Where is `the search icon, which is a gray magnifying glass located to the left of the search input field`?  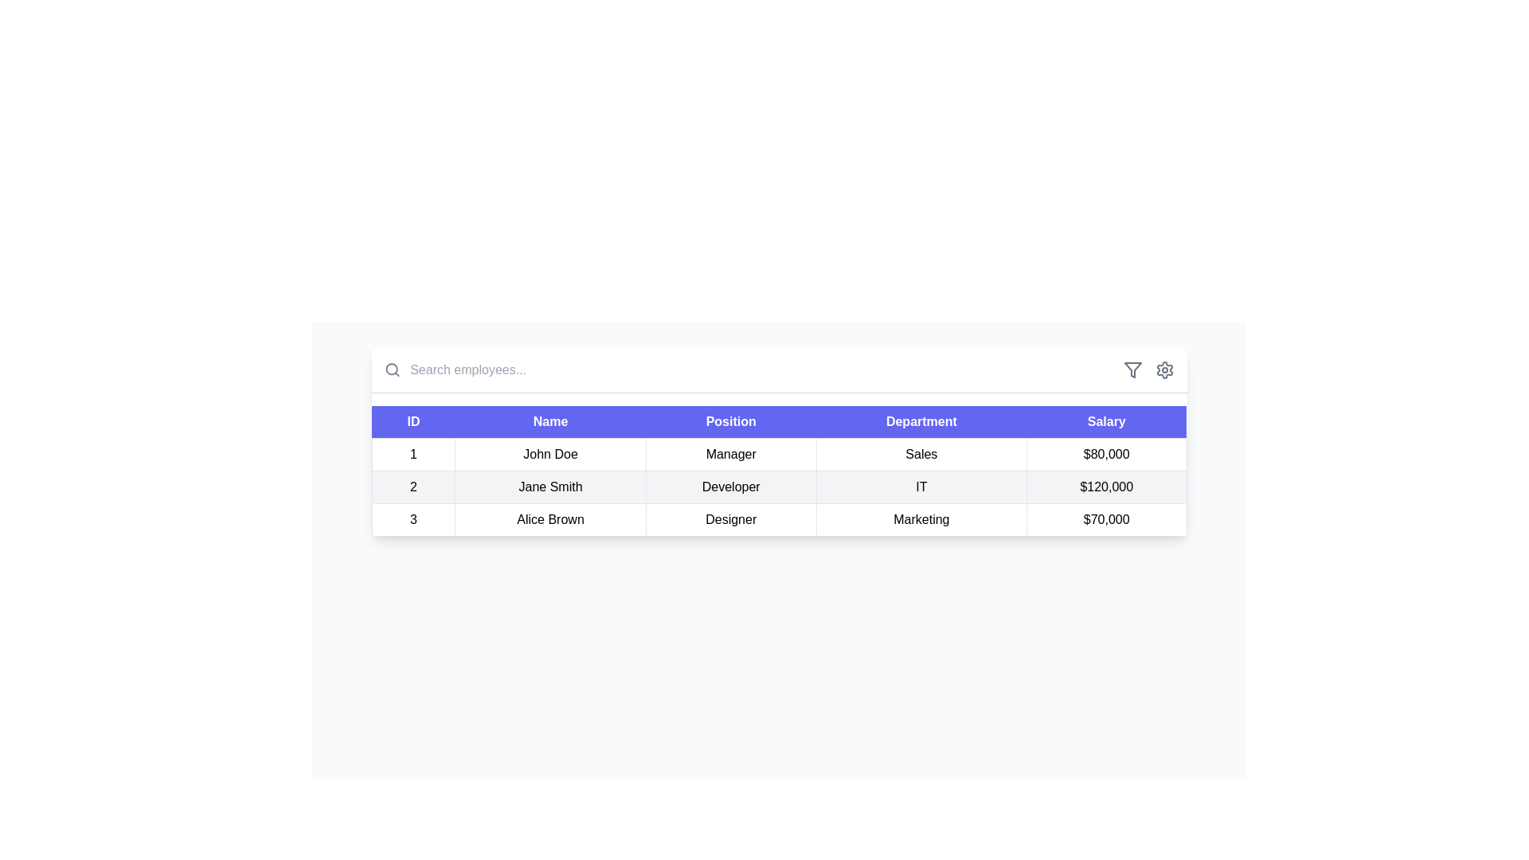 the search icon, which is a gray magnifying glass located to the left of the search input field is located at coordinates (392, 370).